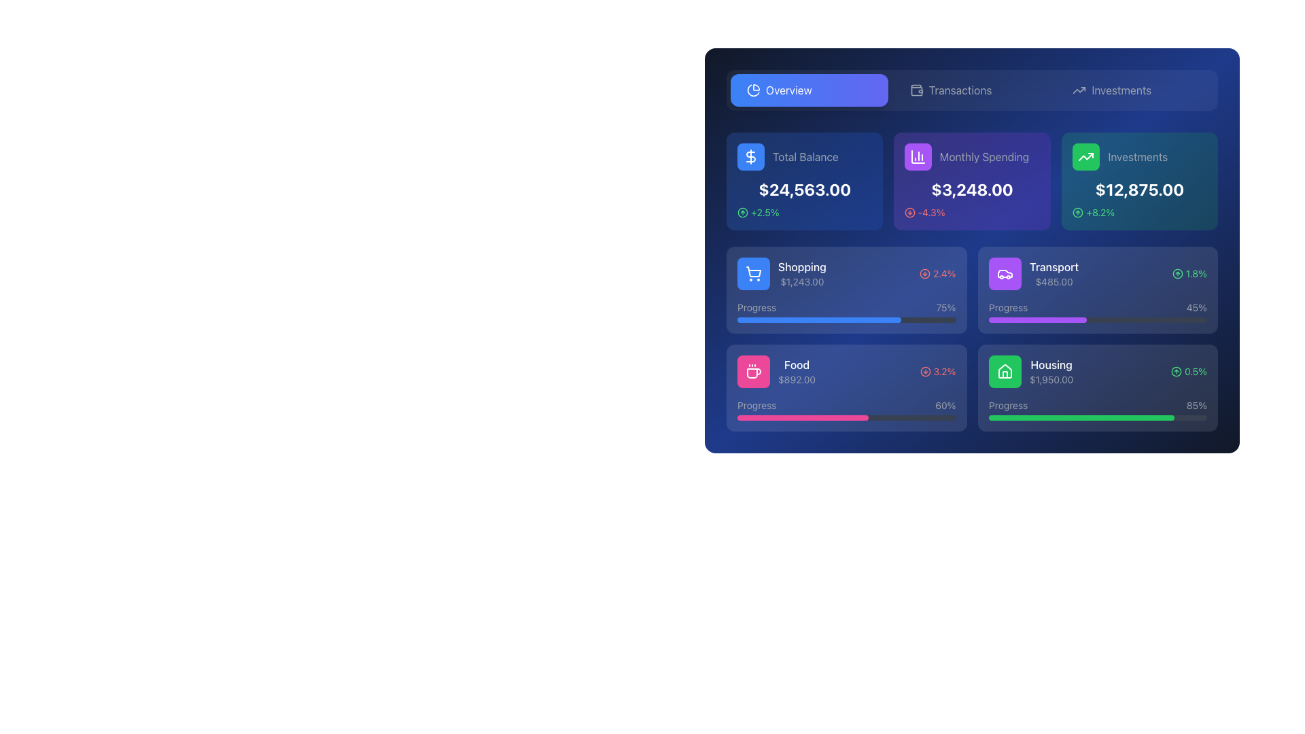 The height and width of the screenshot is (734, 1305). Describe the element at coordinates (937, 273) in the screenshot. I see `the red text displaying '2.4%' with the accompanying arrow-down icon in the 'Shopping' section of the dashboard` at that location.